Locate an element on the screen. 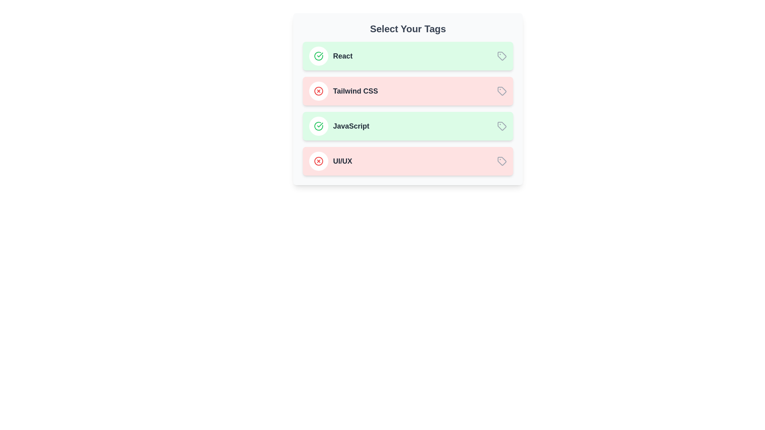 The image size is (765, 430). the text label displaying 'JavaScript' which is styled in bold, black font is located at coordinates (351, 125).